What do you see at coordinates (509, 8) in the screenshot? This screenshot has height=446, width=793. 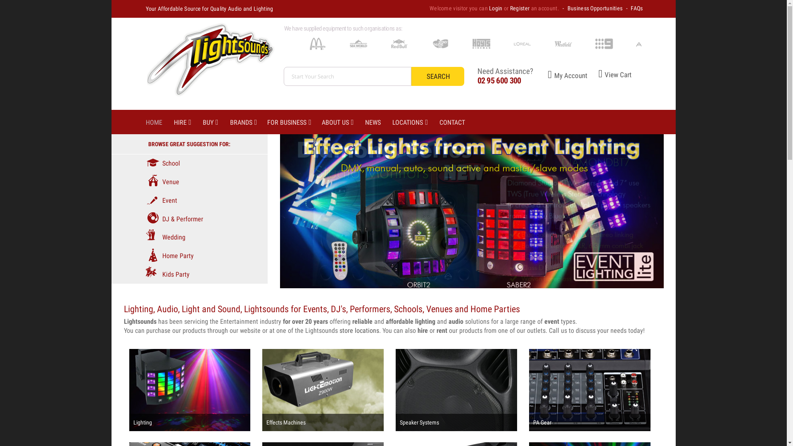 I see `'Register'` at bounding box center [509, 8].